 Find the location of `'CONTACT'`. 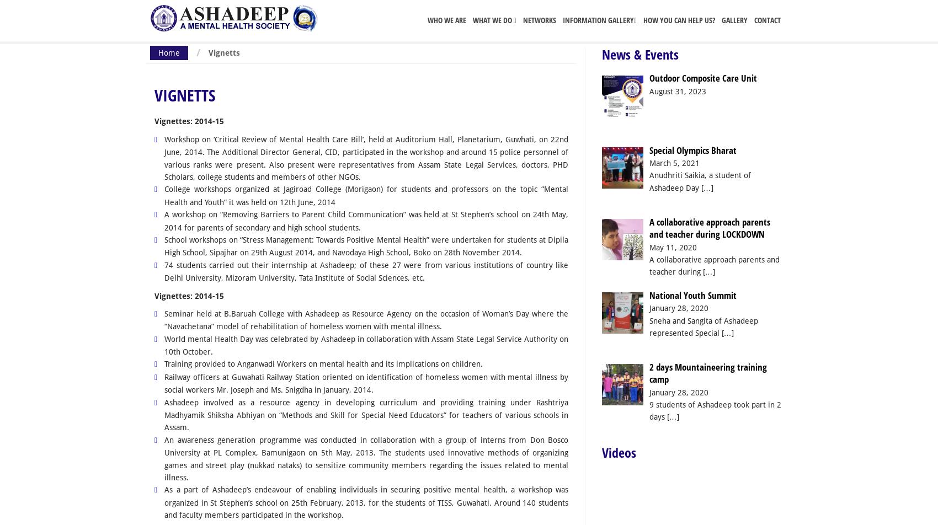

'CONTACT' is located at coordinates (766, 20).